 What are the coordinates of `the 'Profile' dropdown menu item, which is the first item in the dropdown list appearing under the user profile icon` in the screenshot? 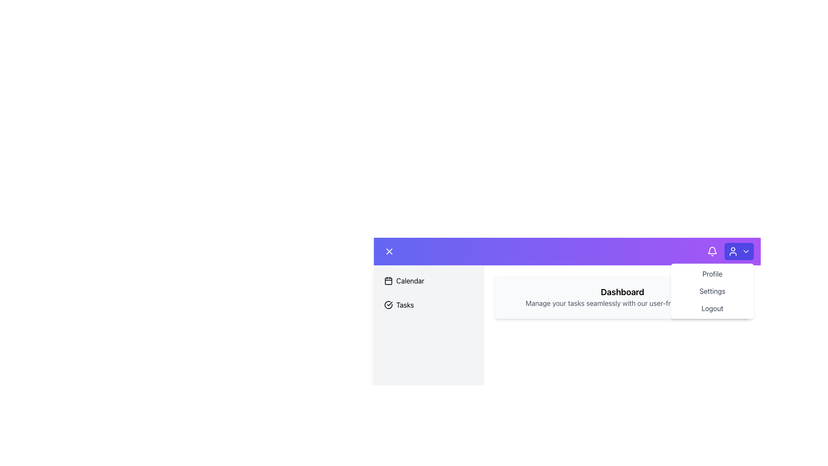 It's located at (712, 274).